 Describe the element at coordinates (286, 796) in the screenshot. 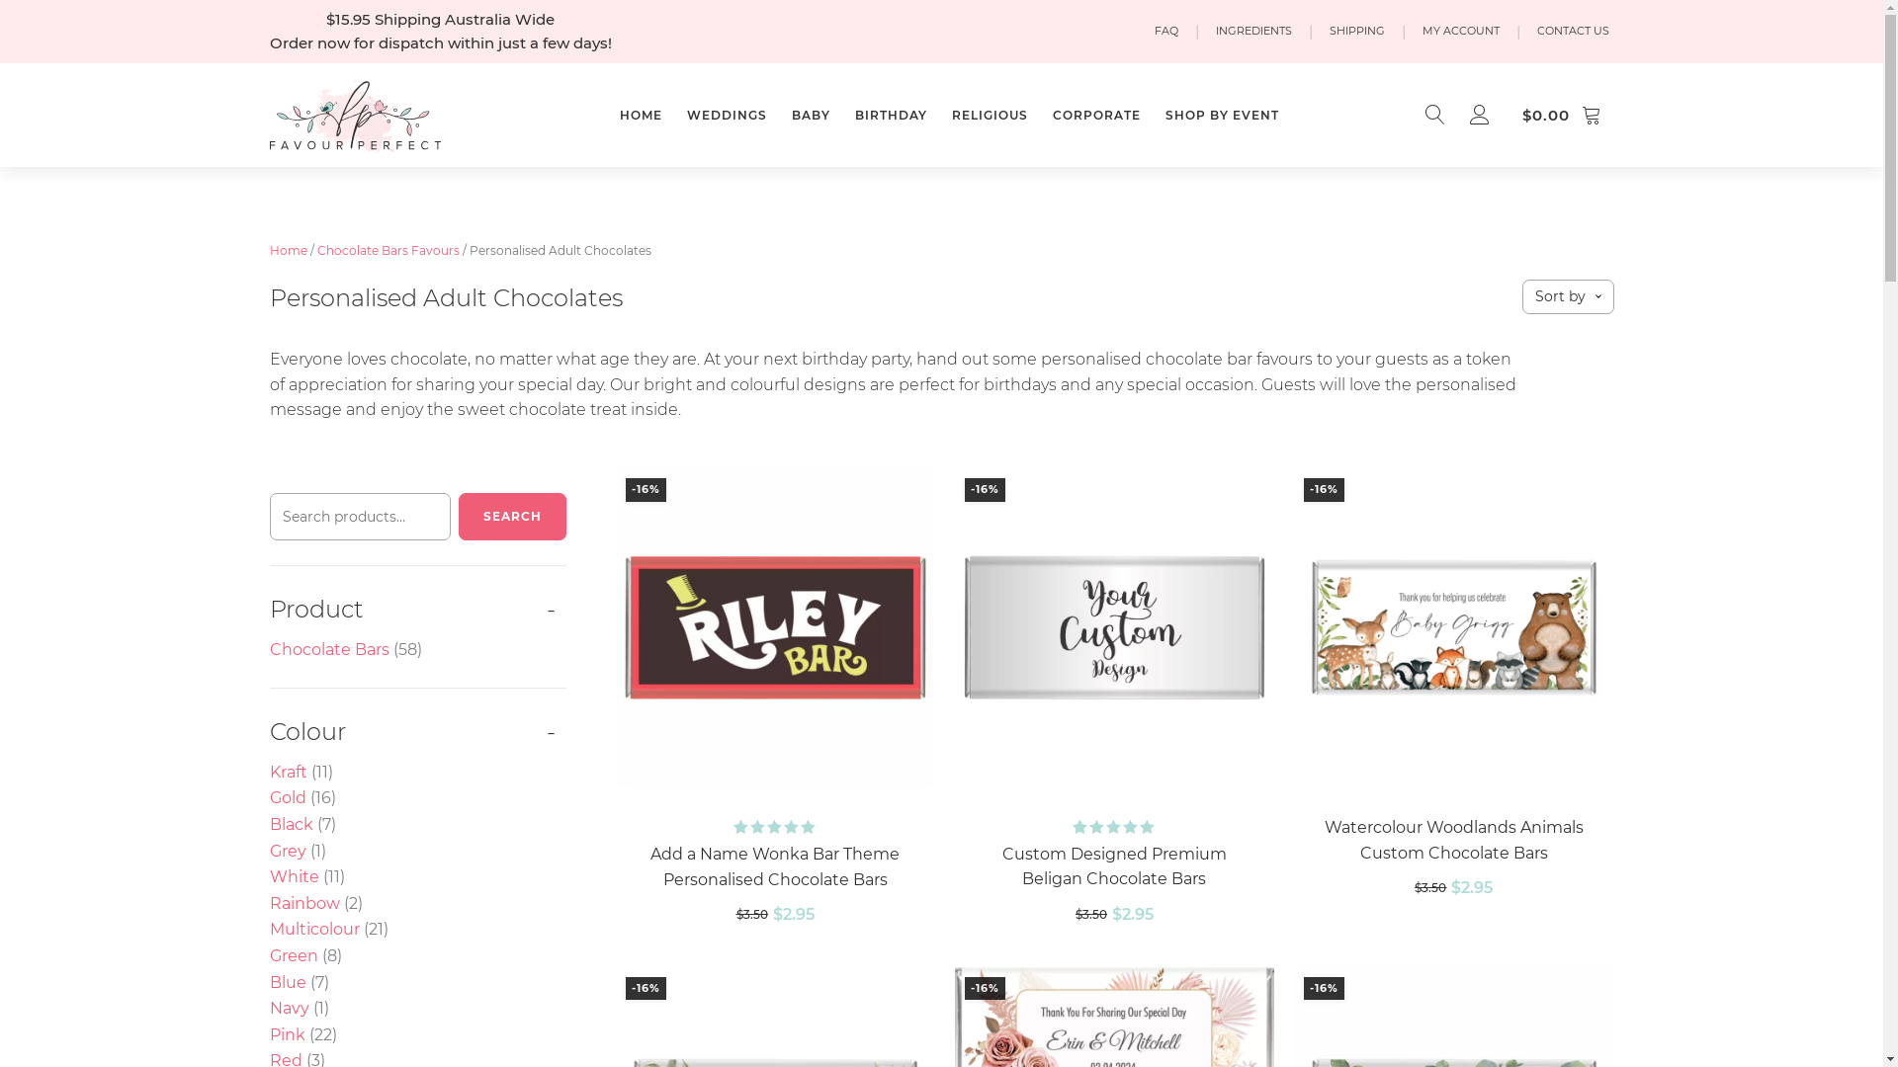

I see `'Gold'` at that location.